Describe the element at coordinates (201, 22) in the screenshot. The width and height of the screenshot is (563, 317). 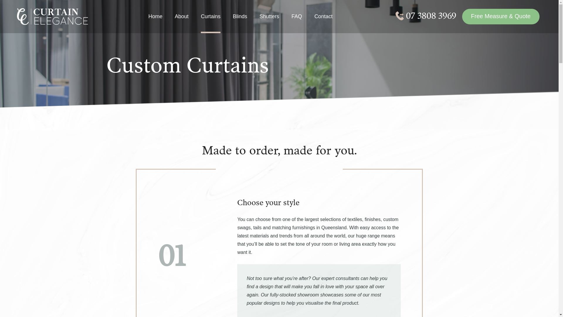
I see `'Curtains'` at that location.